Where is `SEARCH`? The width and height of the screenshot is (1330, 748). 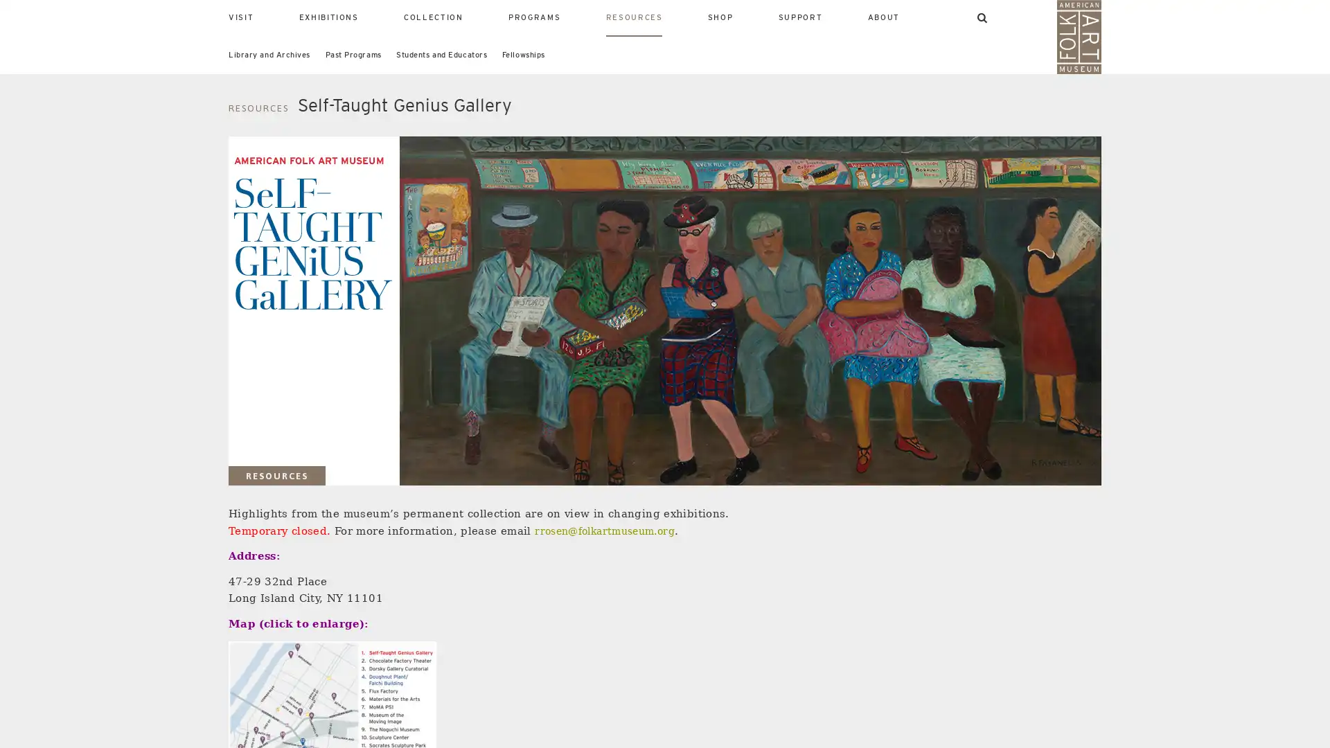
SEARCH is located at coordinates (1065, 101).